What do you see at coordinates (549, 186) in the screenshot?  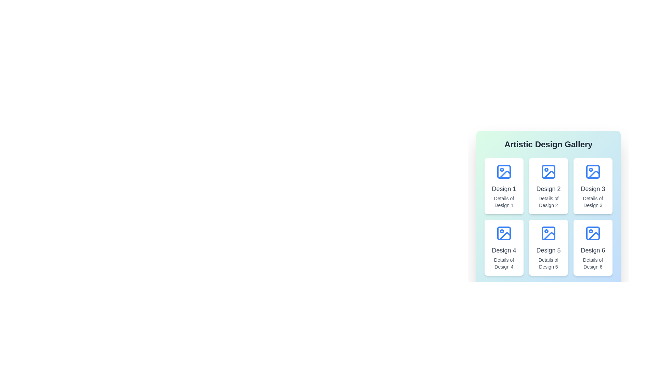 I see `the rectangular card labeled 'Design 2' which has a blue outlined icon and bold text in the center to interact with it` at bounding box center [549, 186].